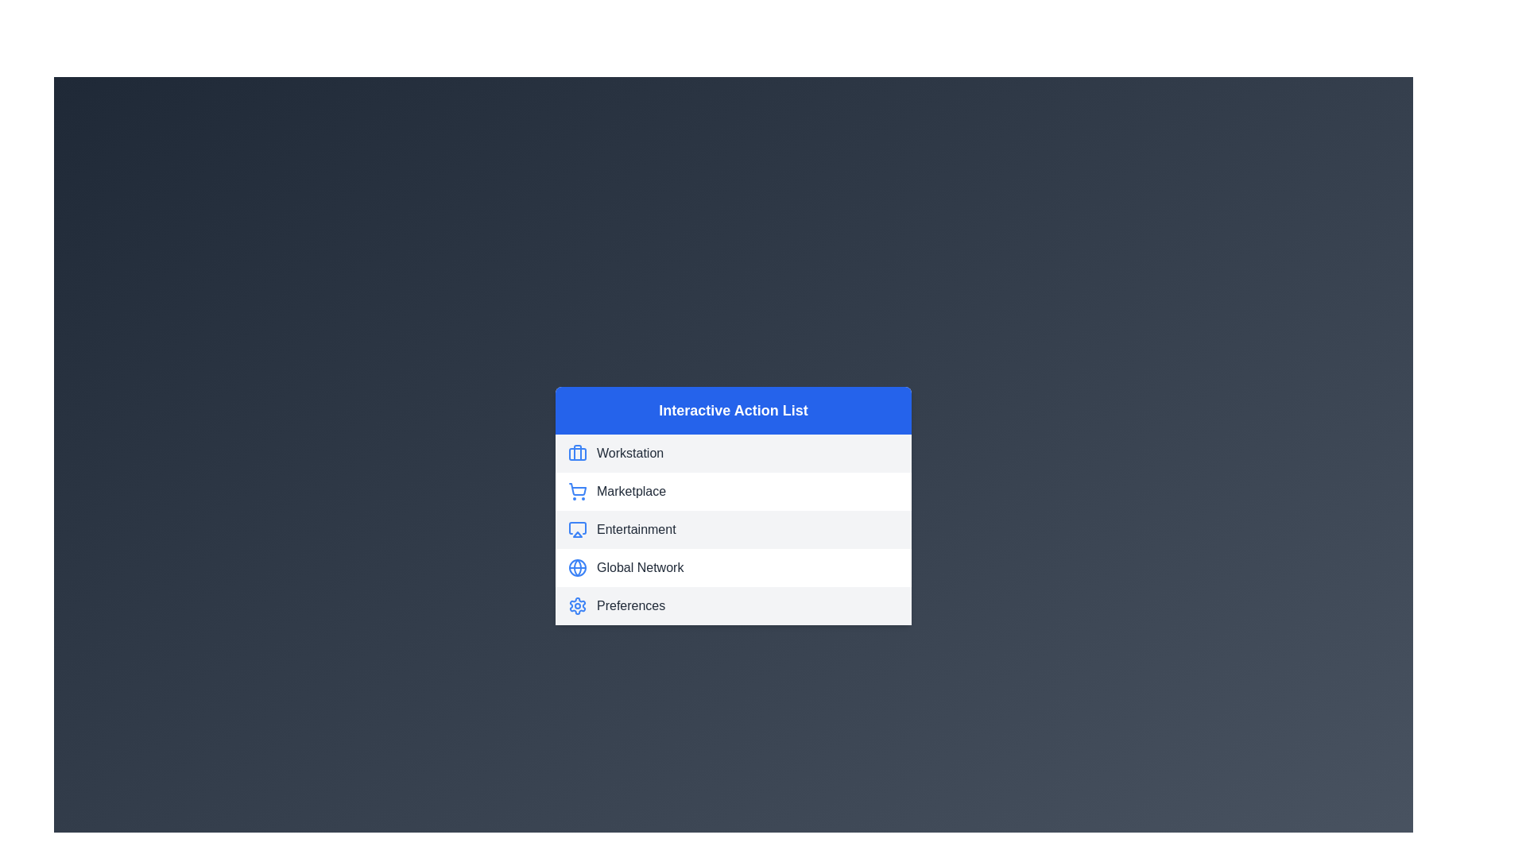 Image resolution: width=1526 pixels, height=858 pixels. What do you see at coordinates (576, 453) in the screenshot?
I see `the 'Workstation' icon located at the top-left of the action list` at bounding box center [576, 453].